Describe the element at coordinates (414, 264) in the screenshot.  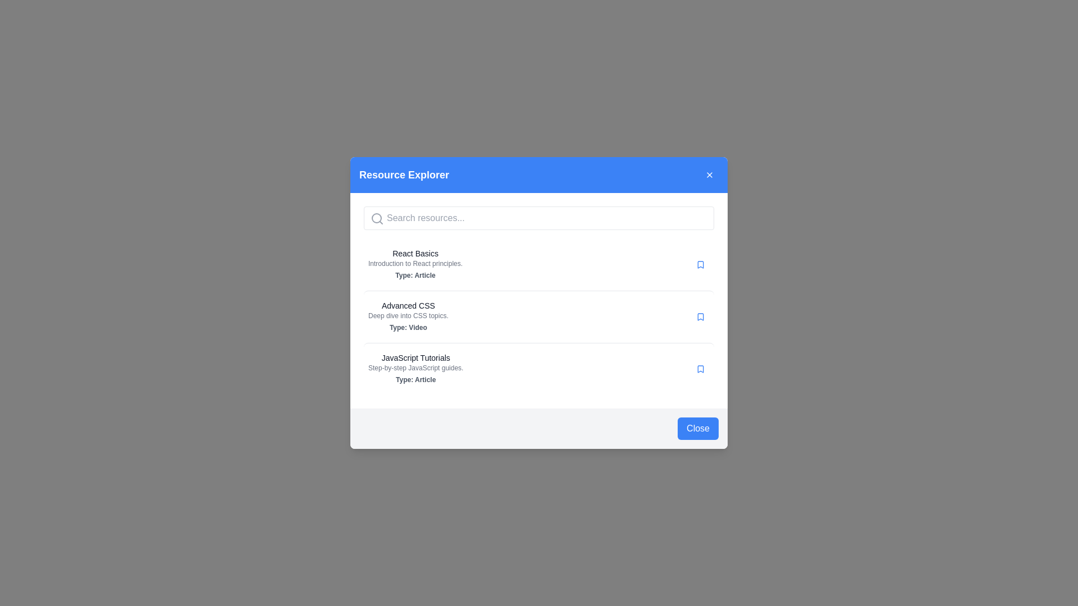
I see `the descriptive text element providing context for the 'React Basics' topic, located in the 'Resource Explorer' modal, specifically the second visible component below the title and above the type information` at that location.